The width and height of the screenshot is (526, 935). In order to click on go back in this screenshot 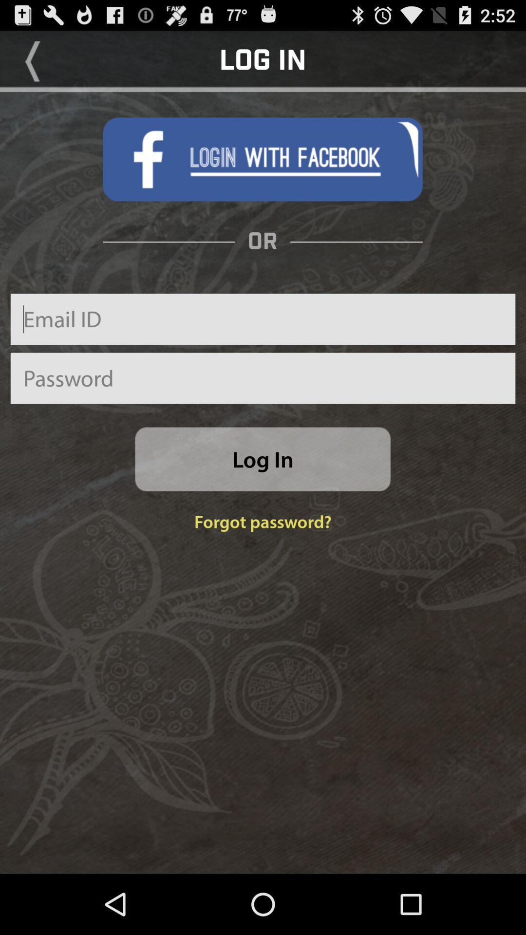, I will do `click(32, 60)`.